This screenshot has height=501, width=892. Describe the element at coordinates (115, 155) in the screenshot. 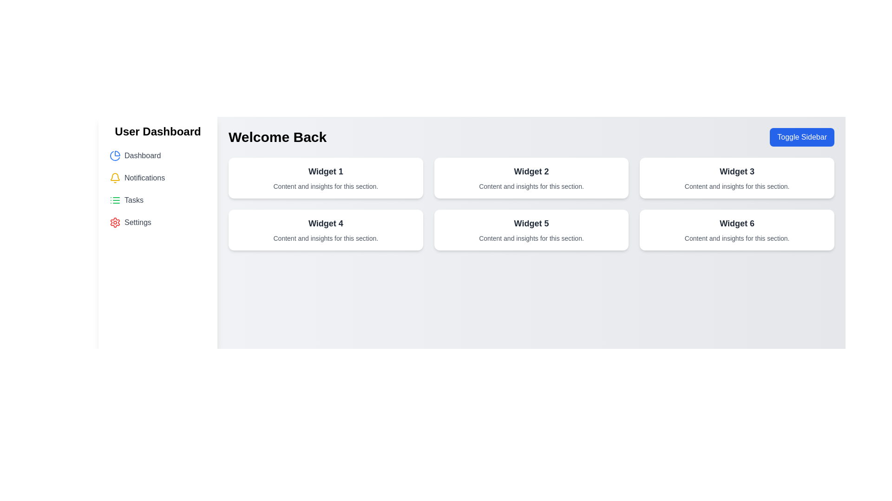

I see `the Dashboard icon, which is the first icon in the vertical sidebar menu, located to the left of the text label 'Dashboard'` at that location.